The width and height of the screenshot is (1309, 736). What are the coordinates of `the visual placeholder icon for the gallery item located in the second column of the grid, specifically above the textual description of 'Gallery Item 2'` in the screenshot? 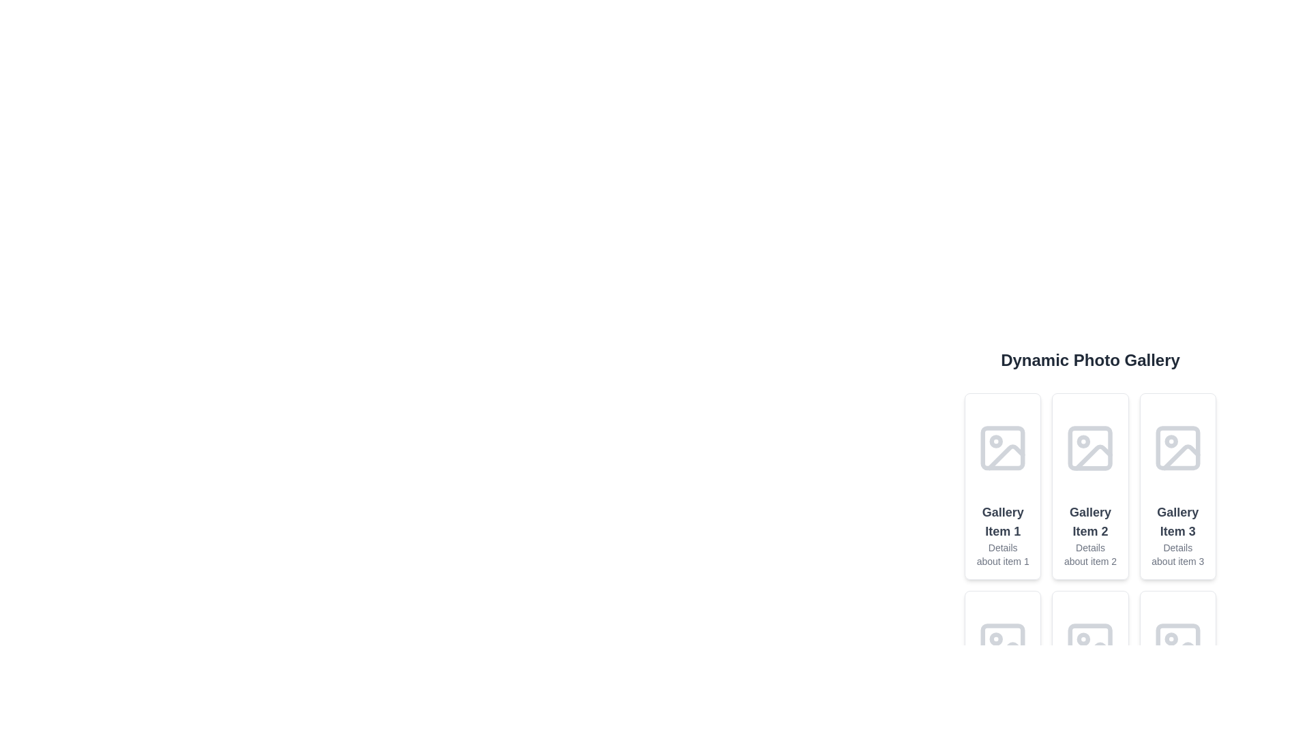 It's located at (1089, 448).